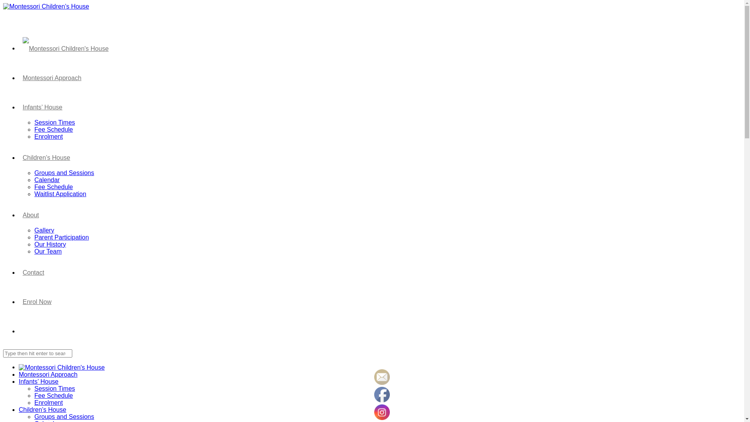  What do you see at coordinates (48, 136) in the screenshot?
I see `'Enrolment'` at bounding box center [48, 136].